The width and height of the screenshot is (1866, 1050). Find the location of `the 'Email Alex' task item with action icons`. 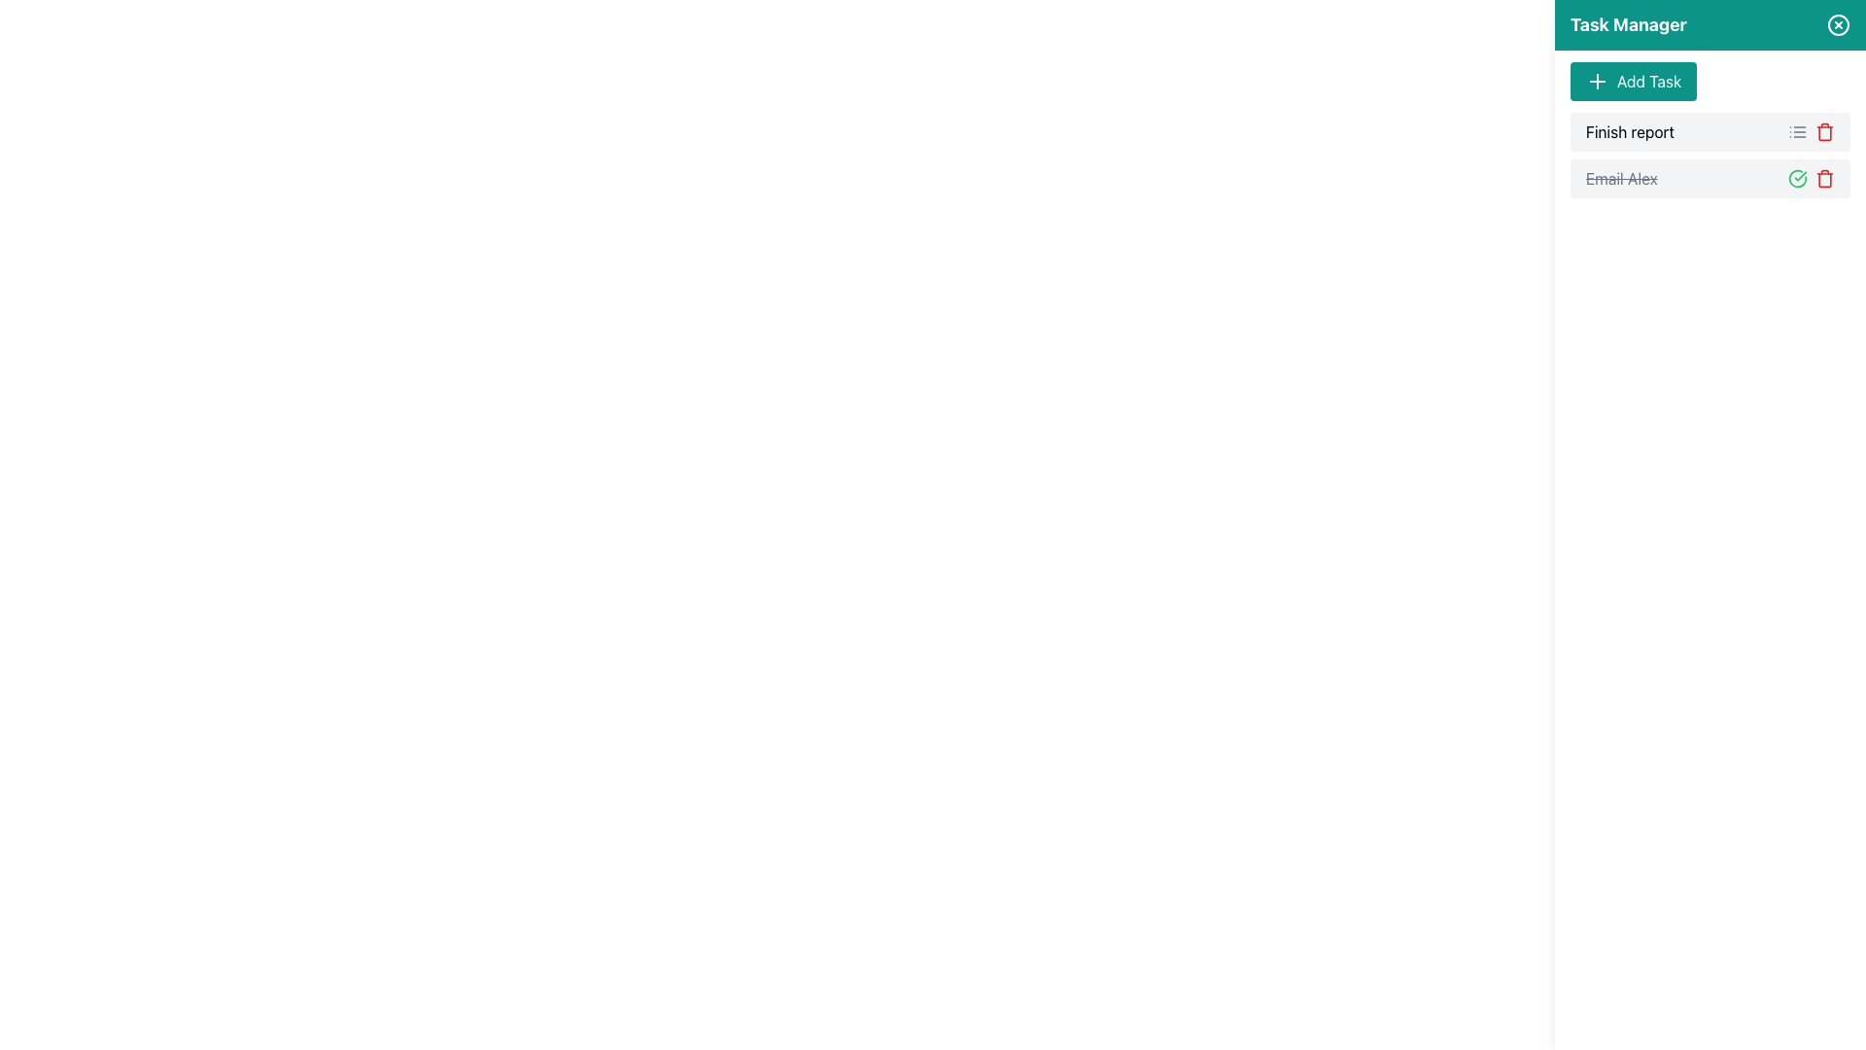

the 'Email Alex' task item with action icons is located at coordinates (1710, 179).